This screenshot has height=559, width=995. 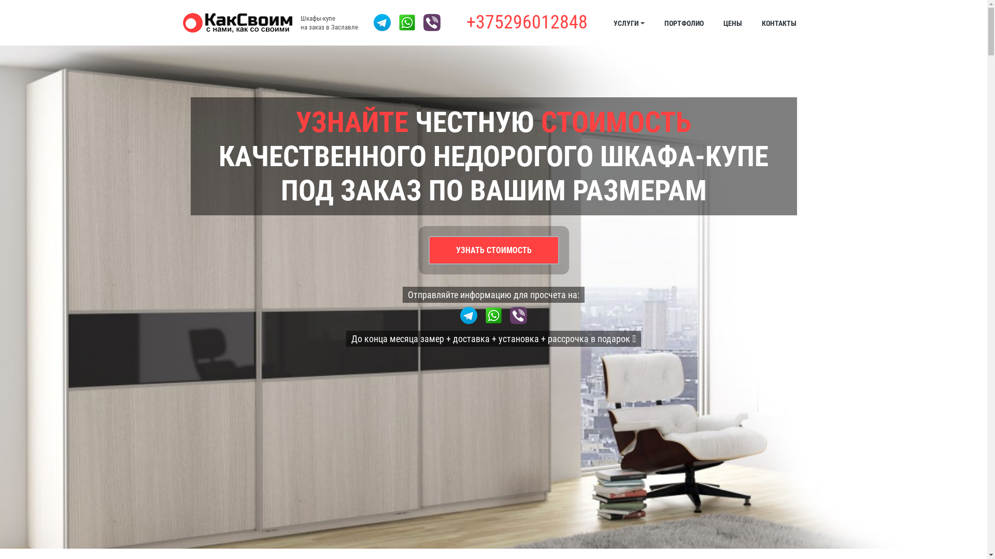 What do you see at coordinates (466, 22) in the screenshot?
I see `'+375296012848'` at bounding box center [466, 22].